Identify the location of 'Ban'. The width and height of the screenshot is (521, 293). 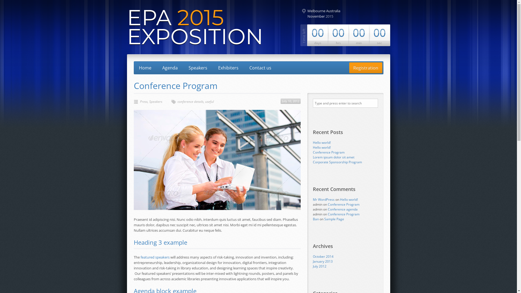
(315, 219).